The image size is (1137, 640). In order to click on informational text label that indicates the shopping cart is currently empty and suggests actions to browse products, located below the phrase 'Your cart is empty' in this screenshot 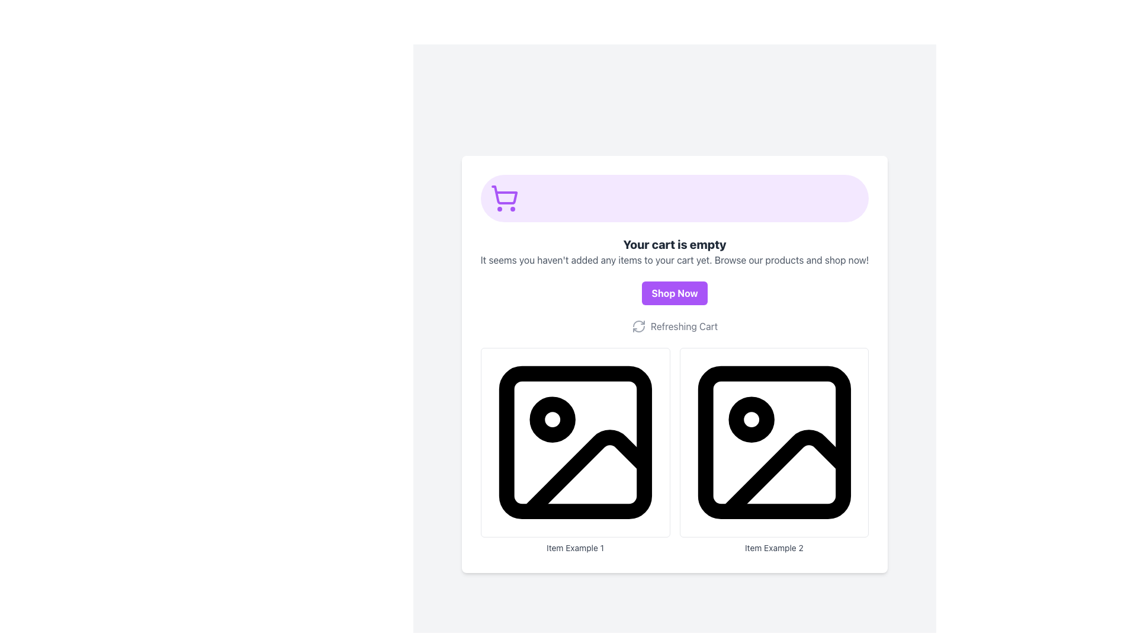, I will do `click(675, 260)`.